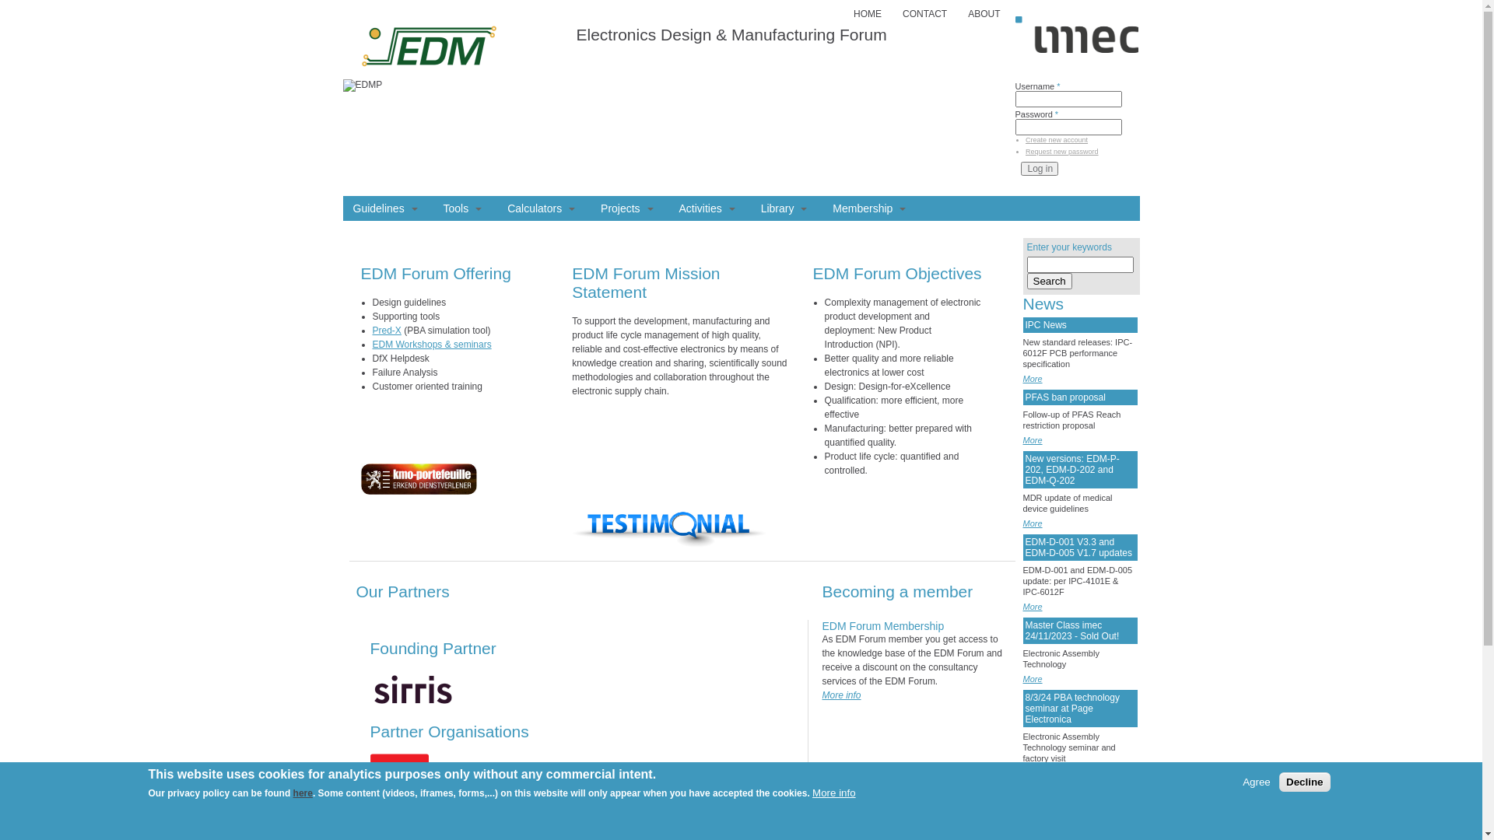 This screenshot has width=1494, height=840. I want to click on 'Enter the terms you wish to search for.', so click(1079, 264).